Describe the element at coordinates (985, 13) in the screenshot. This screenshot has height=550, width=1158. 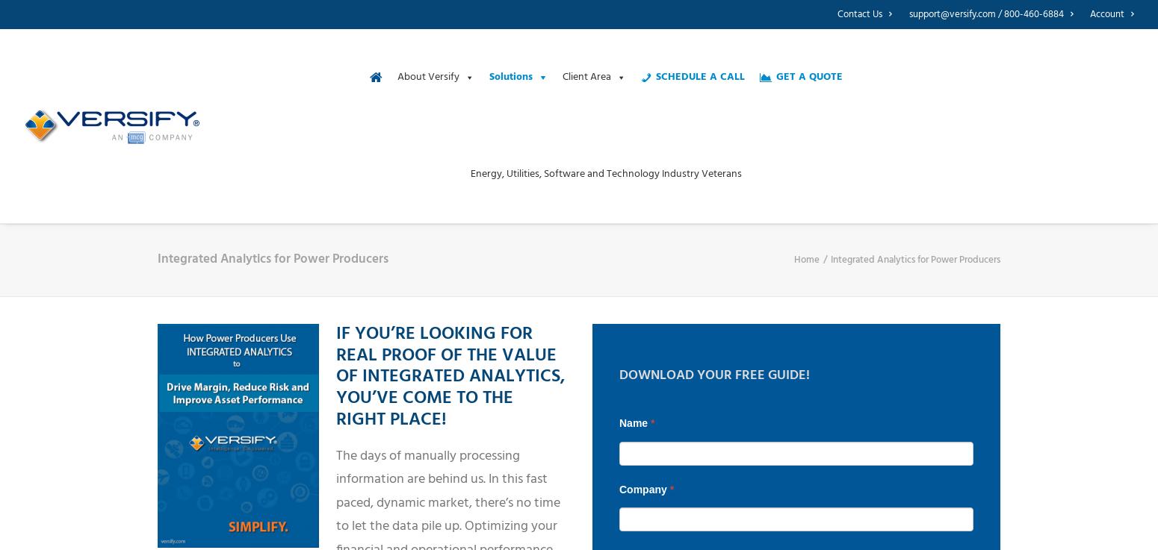
I see `'support@versify.com / 800-460-6884'` at that location.